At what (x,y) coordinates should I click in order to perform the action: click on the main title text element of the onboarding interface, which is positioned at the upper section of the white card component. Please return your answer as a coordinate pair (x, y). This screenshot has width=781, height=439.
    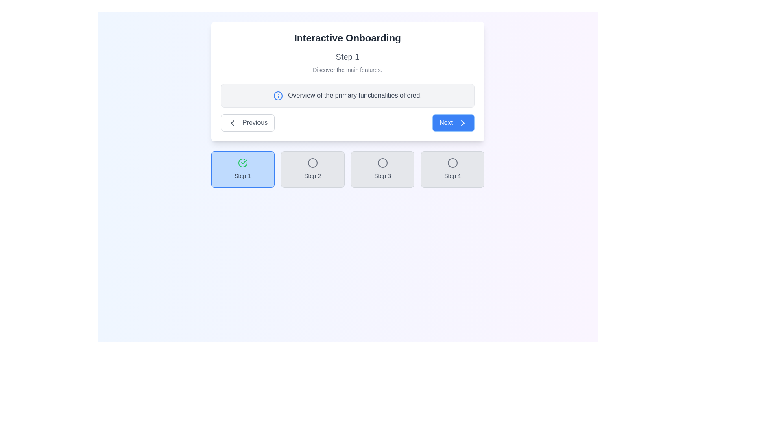
    Looking at the image, I should click on (347, 38).